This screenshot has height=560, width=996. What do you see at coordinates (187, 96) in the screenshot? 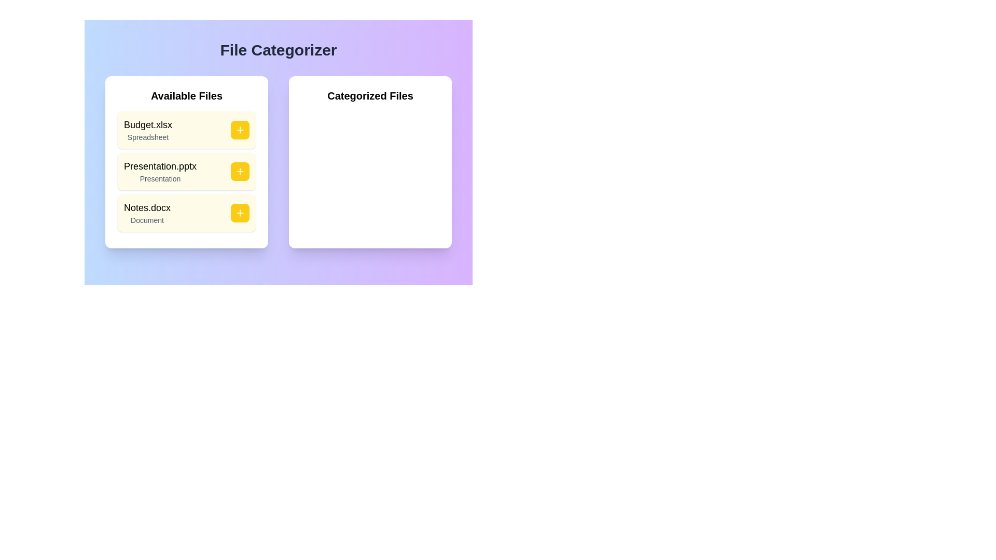
I see `the 'Available Files' label, which is displayed in a bold and slightly enlarged font on a white card-like background, centered at the top of the card` at bounding box center [187, 96].